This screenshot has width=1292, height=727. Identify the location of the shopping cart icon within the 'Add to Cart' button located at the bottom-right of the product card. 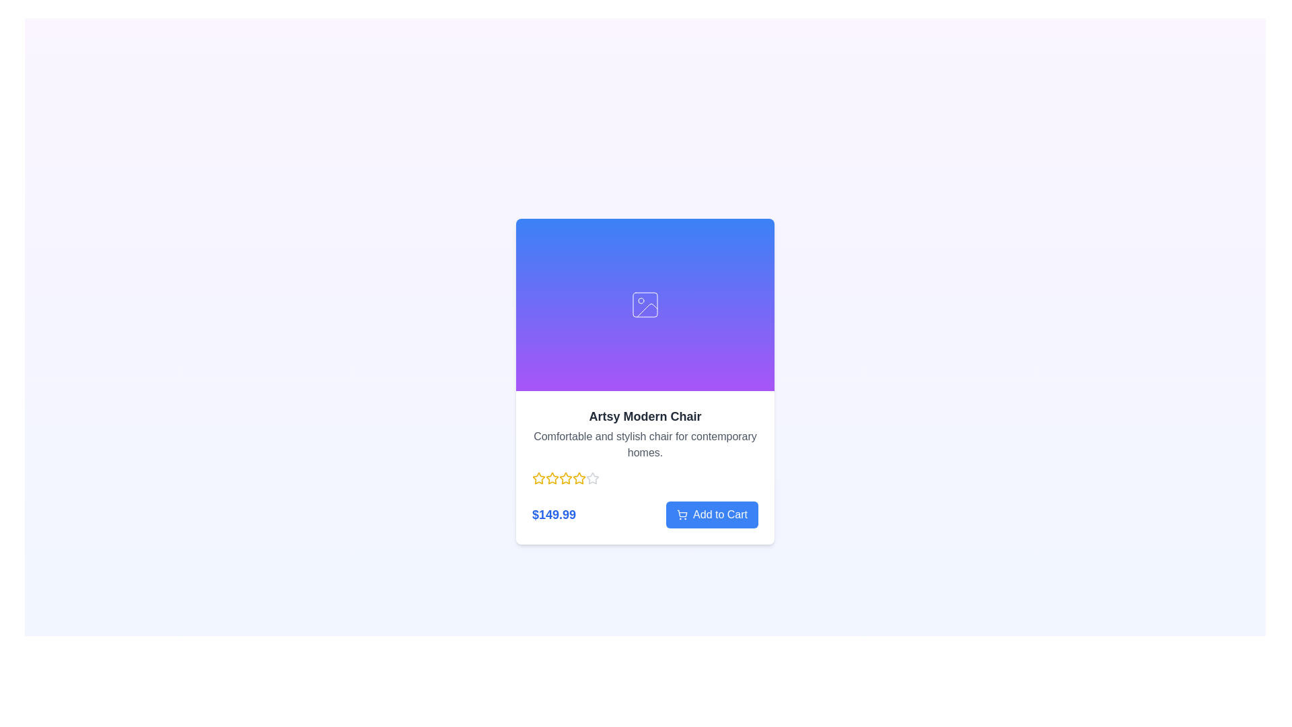
(682, 514).